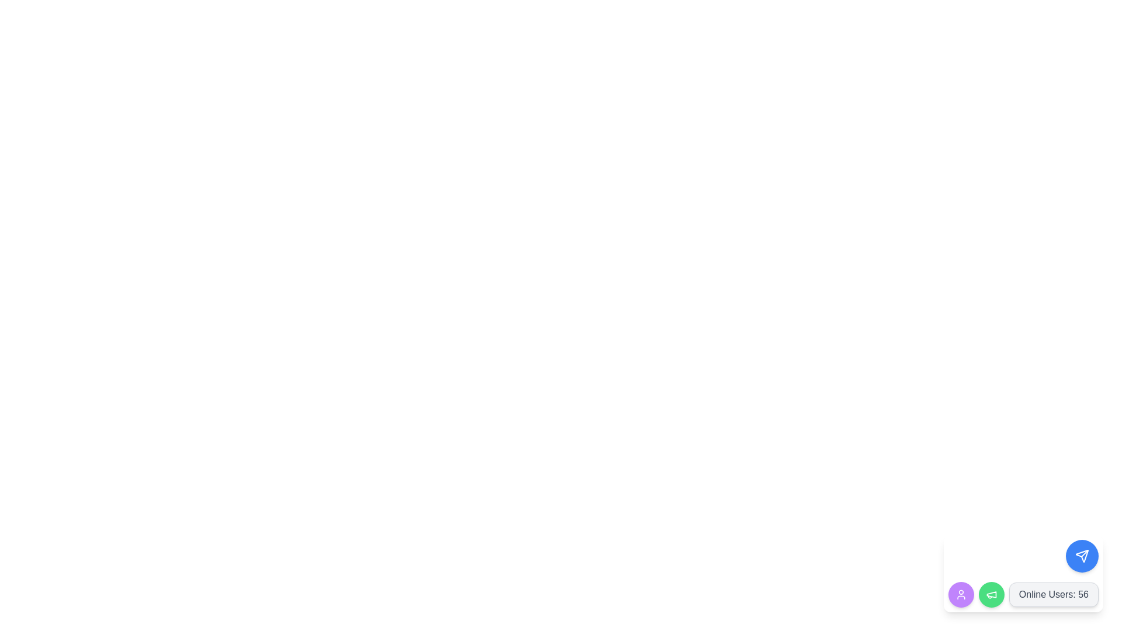  What do you see at coordinates (1082, 556) in the screenshot?
I see `the send icon, which is a right-pointing arrow within a blue circular button located at the bottom-right corner of the interface` at bounding box center [1082, 556].